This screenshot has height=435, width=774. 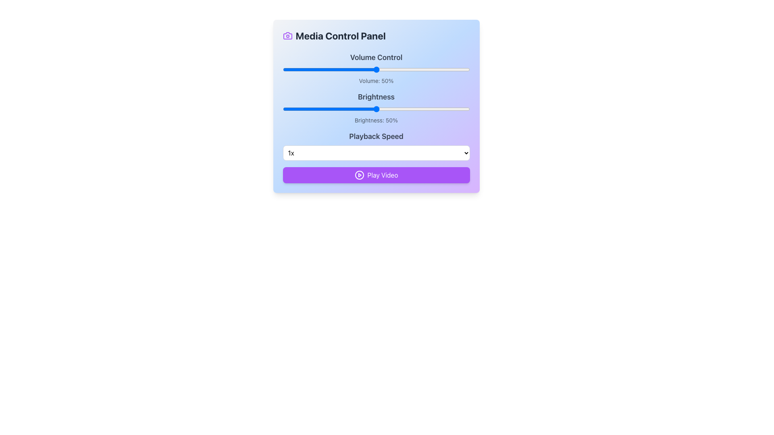 I want to click on the 'Playback Speed' text label, which is styled in bold dark gray font and positioned centrally above the playback speed dropdown menu, so click(x=376, y=136).